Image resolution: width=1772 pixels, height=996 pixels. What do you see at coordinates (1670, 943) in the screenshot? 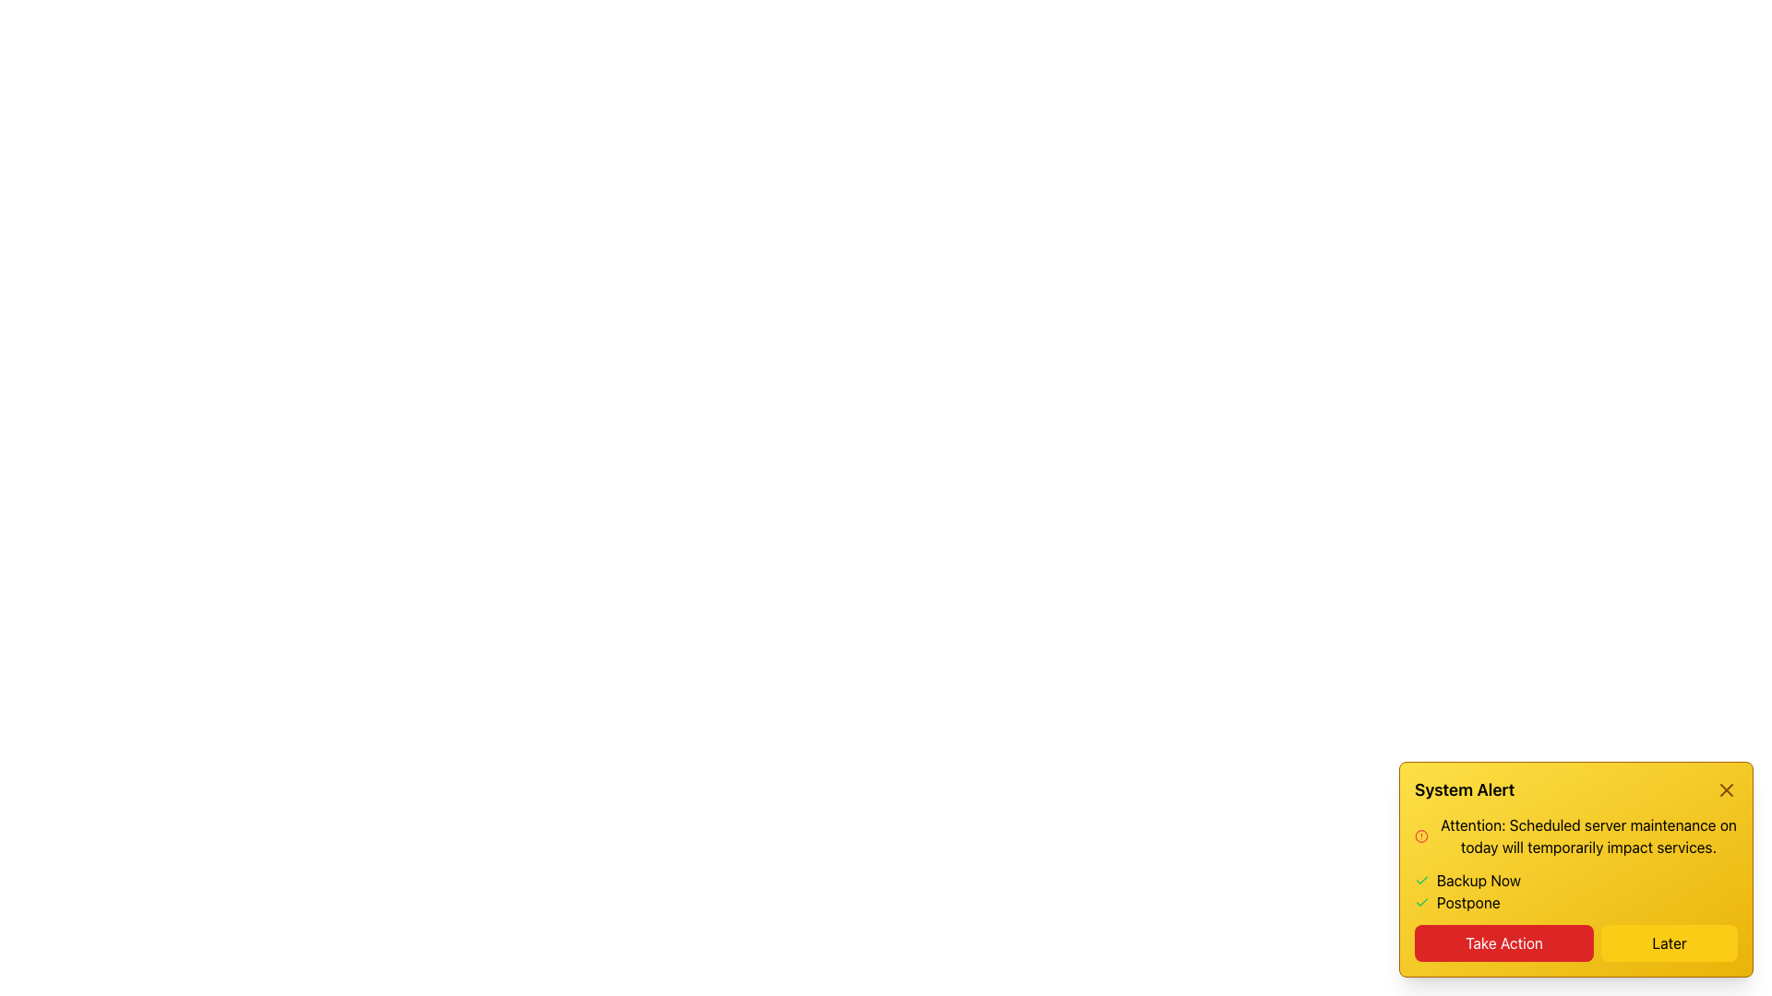
I see `the 'Later' button located in the bottom-right corner of the alert dialog box, to the right of the 'Take Action' button` at bounding box center [1670, 943].